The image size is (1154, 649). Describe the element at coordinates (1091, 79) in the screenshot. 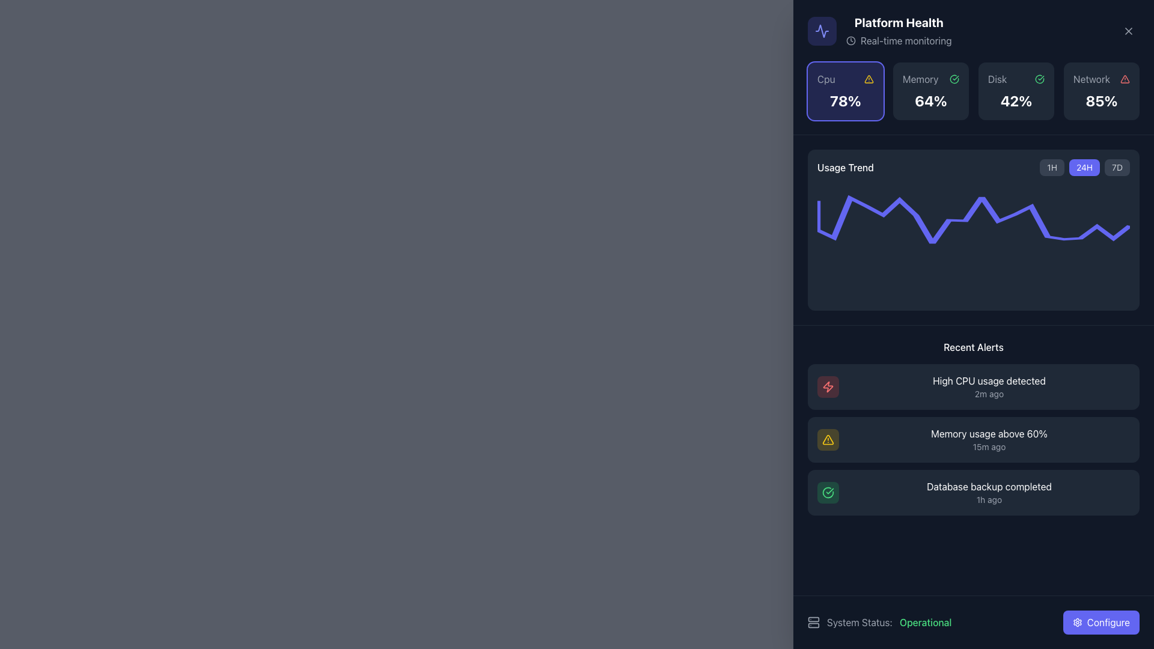

I see `the 'Network' label, which is a gray text label positioned near an alert icon in the top right corner of the interface` at that location.